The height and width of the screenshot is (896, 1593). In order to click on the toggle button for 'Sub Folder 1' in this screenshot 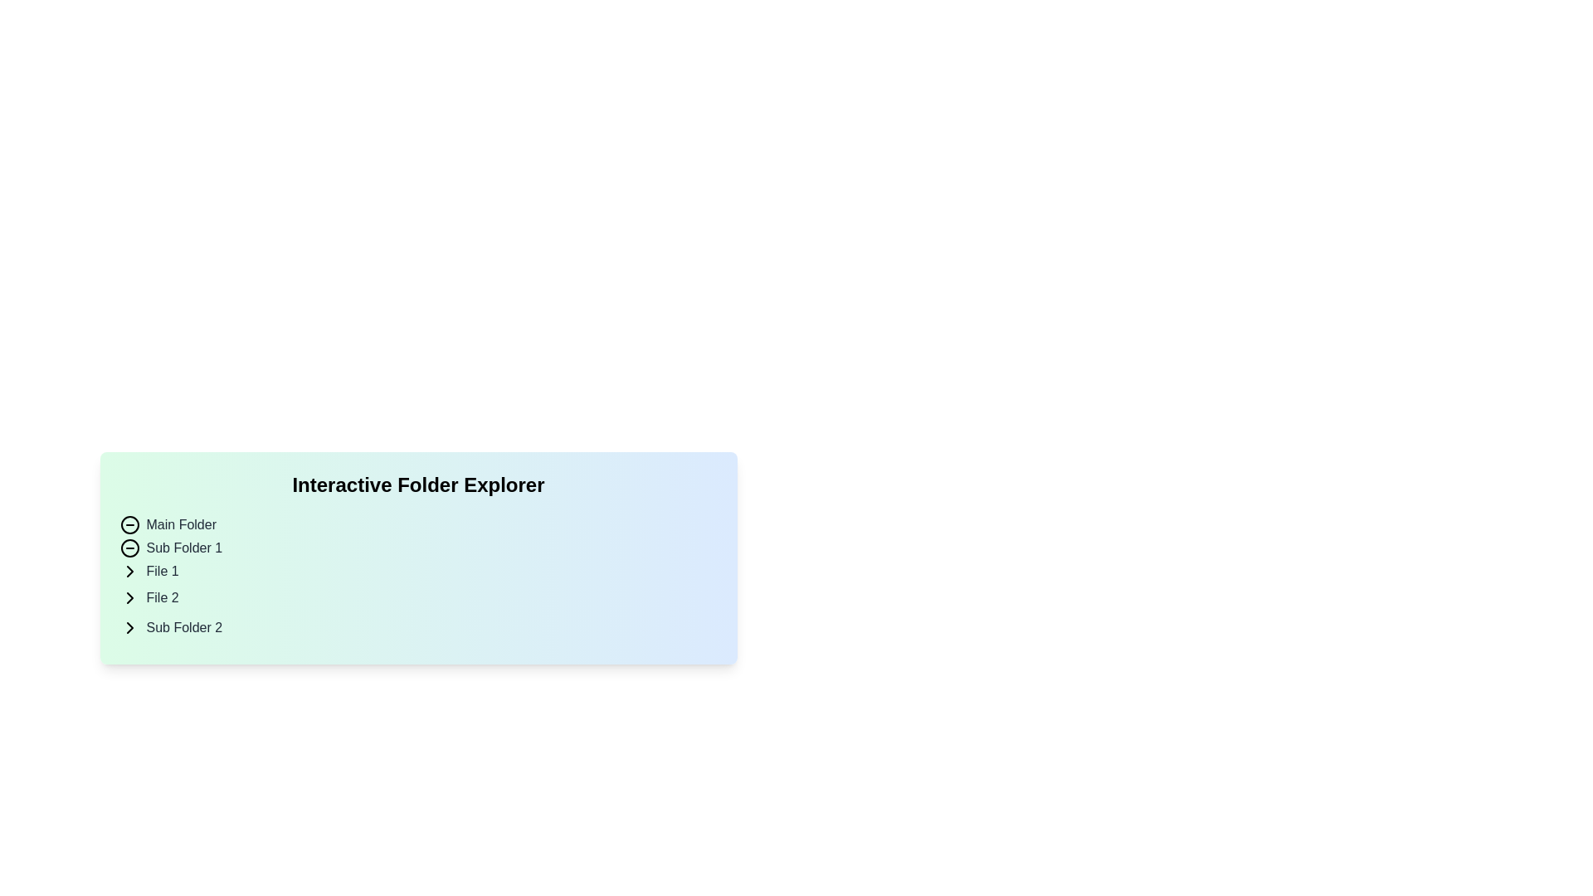, I will do `click(129, 548)`.